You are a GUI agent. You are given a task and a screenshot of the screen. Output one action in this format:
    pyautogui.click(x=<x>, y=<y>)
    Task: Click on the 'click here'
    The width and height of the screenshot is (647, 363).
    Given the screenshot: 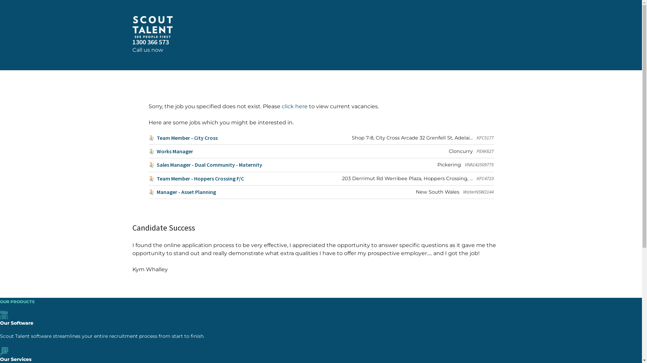 What is the action you would take?
    pyautogui.click(x=295, y=106)
    